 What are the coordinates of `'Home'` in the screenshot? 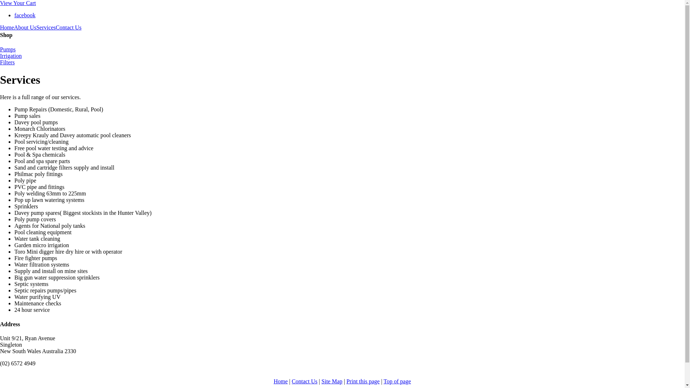 It's located at (280, 381).